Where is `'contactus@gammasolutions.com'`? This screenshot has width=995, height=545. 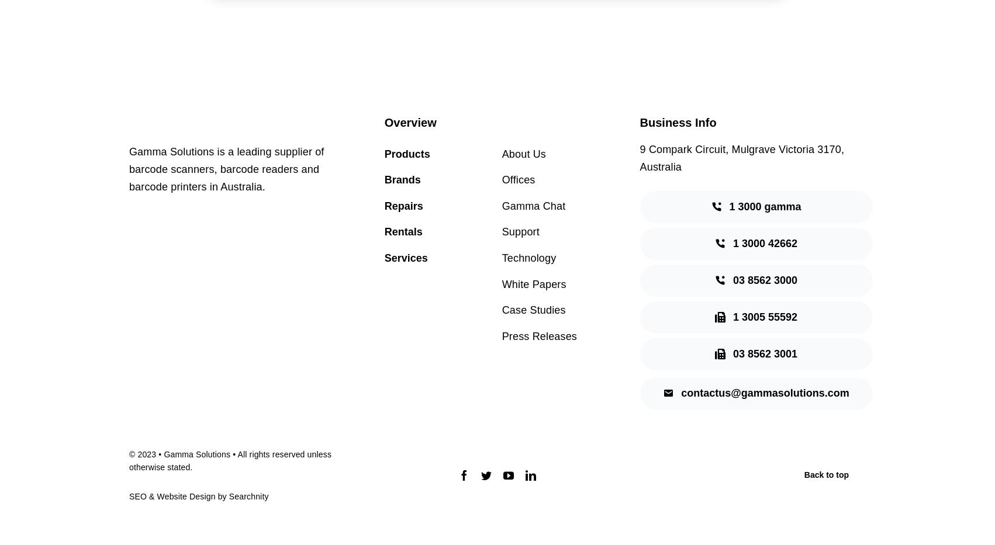
'contactus@gammasolutions.com' is located at coordinates (764, 392).